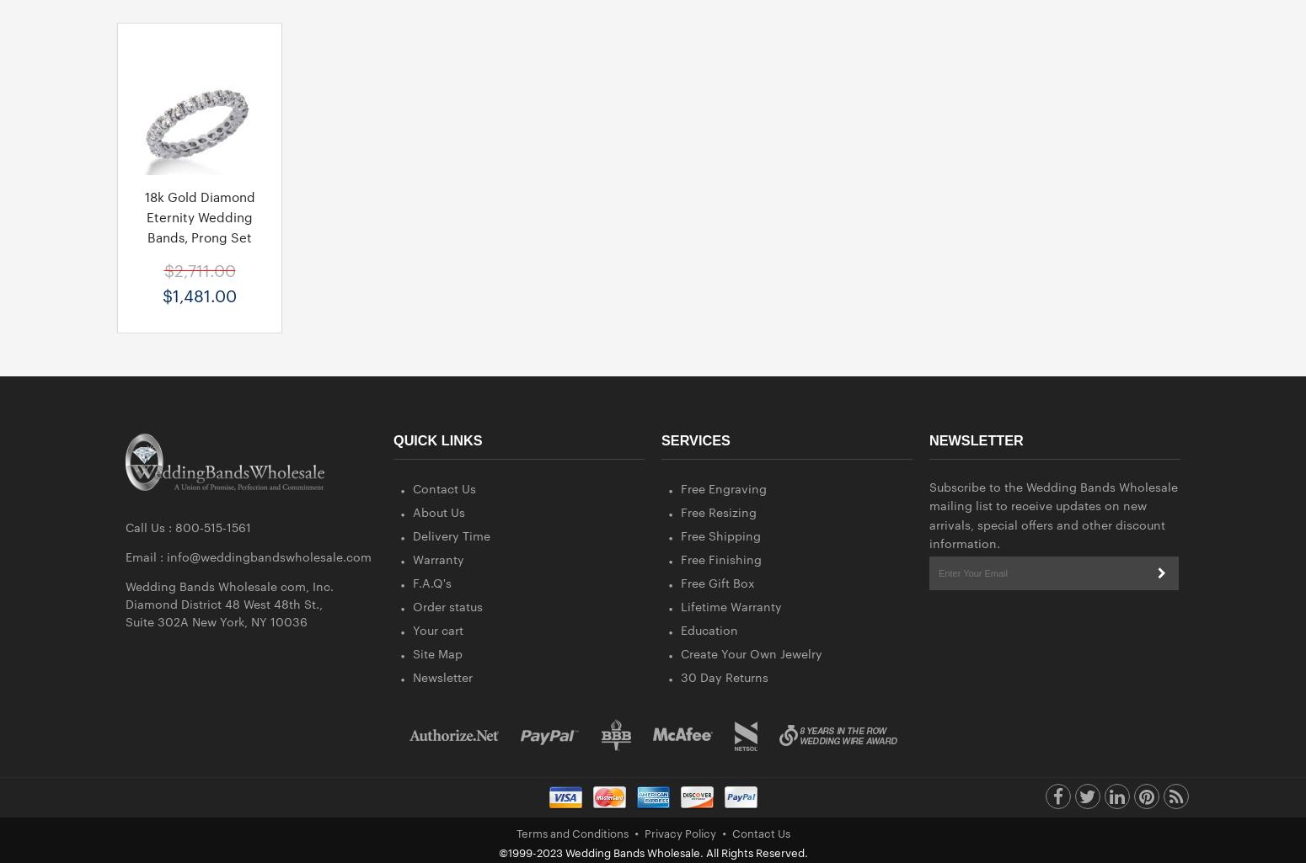  Describe the element at coordinates (717, 582) in the screenshot. I see `'Free Gift Box'` at that location.